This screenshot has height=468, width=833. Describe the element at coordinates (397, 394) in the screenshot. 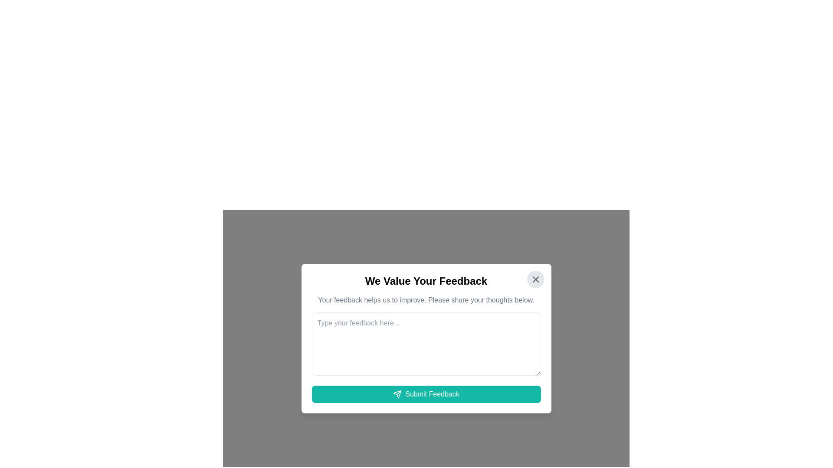

I see `the 'Submit Feedback' button located at the bottom center of the feedback modal window, which is adjacent to the 'send' icon` at that location.